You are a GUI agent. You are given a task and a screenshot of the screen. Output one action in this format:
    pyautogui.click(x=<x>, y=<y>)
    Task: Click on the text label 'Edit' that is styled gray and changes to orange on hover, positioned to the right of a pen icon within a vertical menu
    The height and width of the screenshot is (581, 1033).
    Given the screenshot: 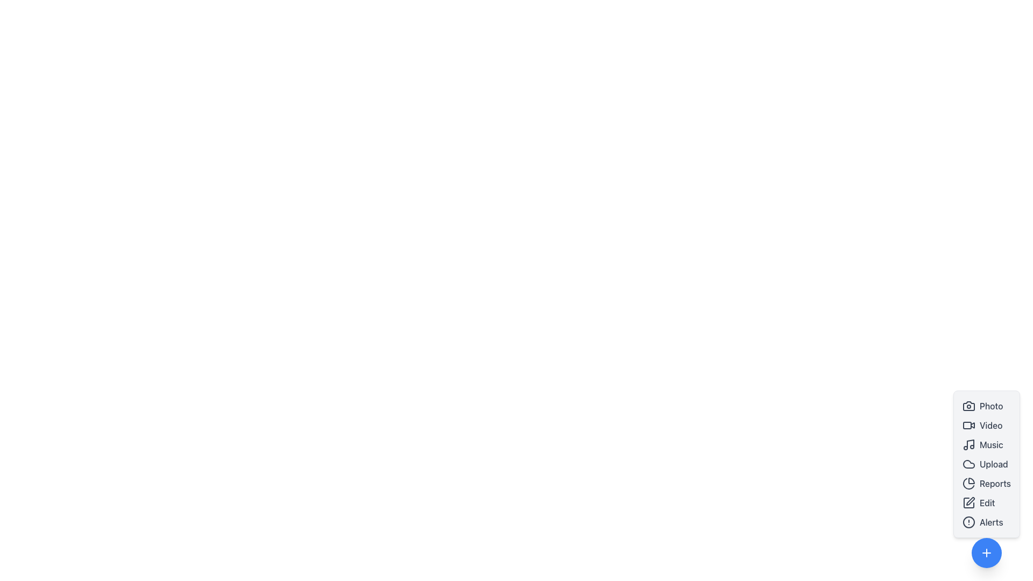 What is the action you would take?
    pyautogui.click(x=987, y=502)
    